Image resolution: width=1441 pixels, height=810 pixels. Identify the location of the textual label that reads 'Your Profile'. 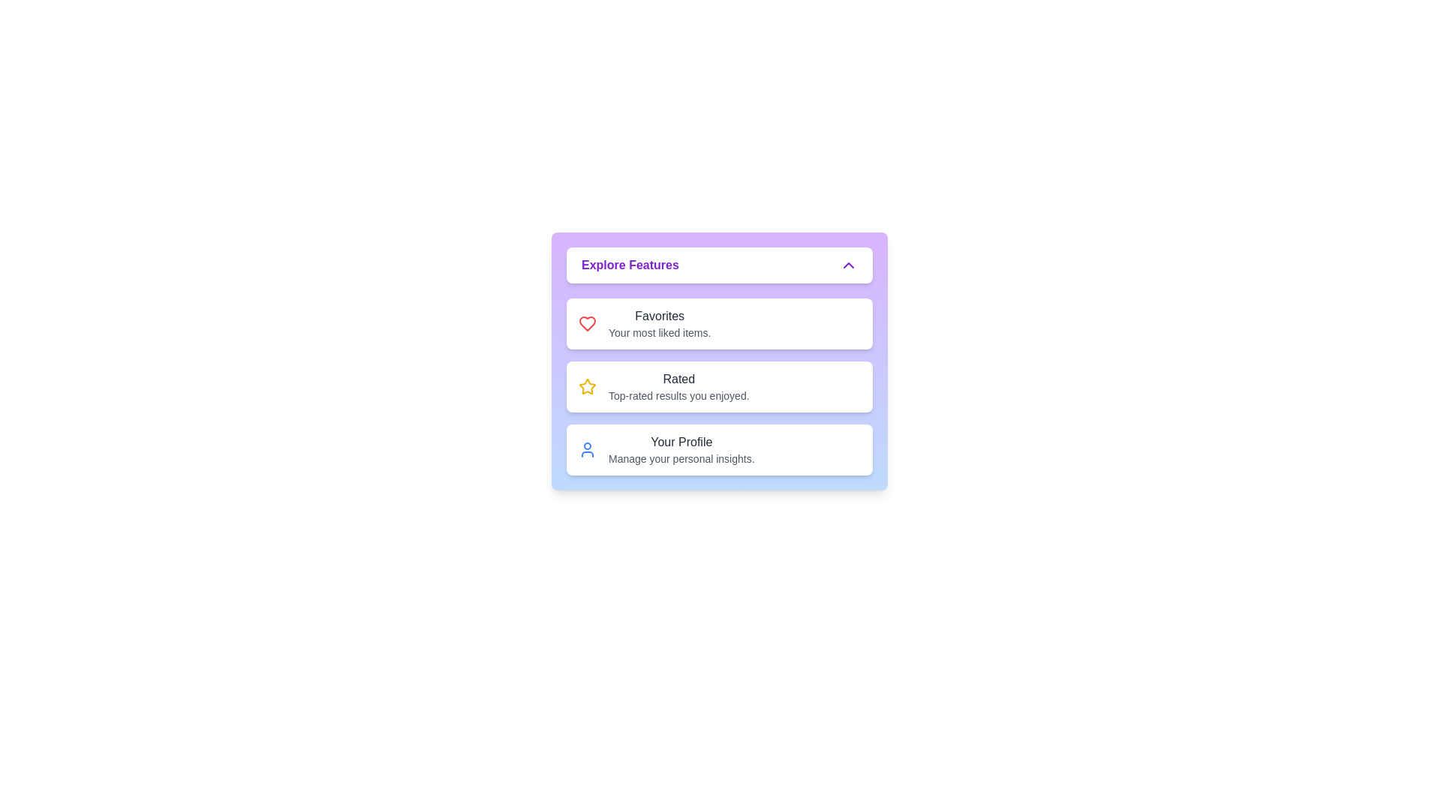
(681, 449).